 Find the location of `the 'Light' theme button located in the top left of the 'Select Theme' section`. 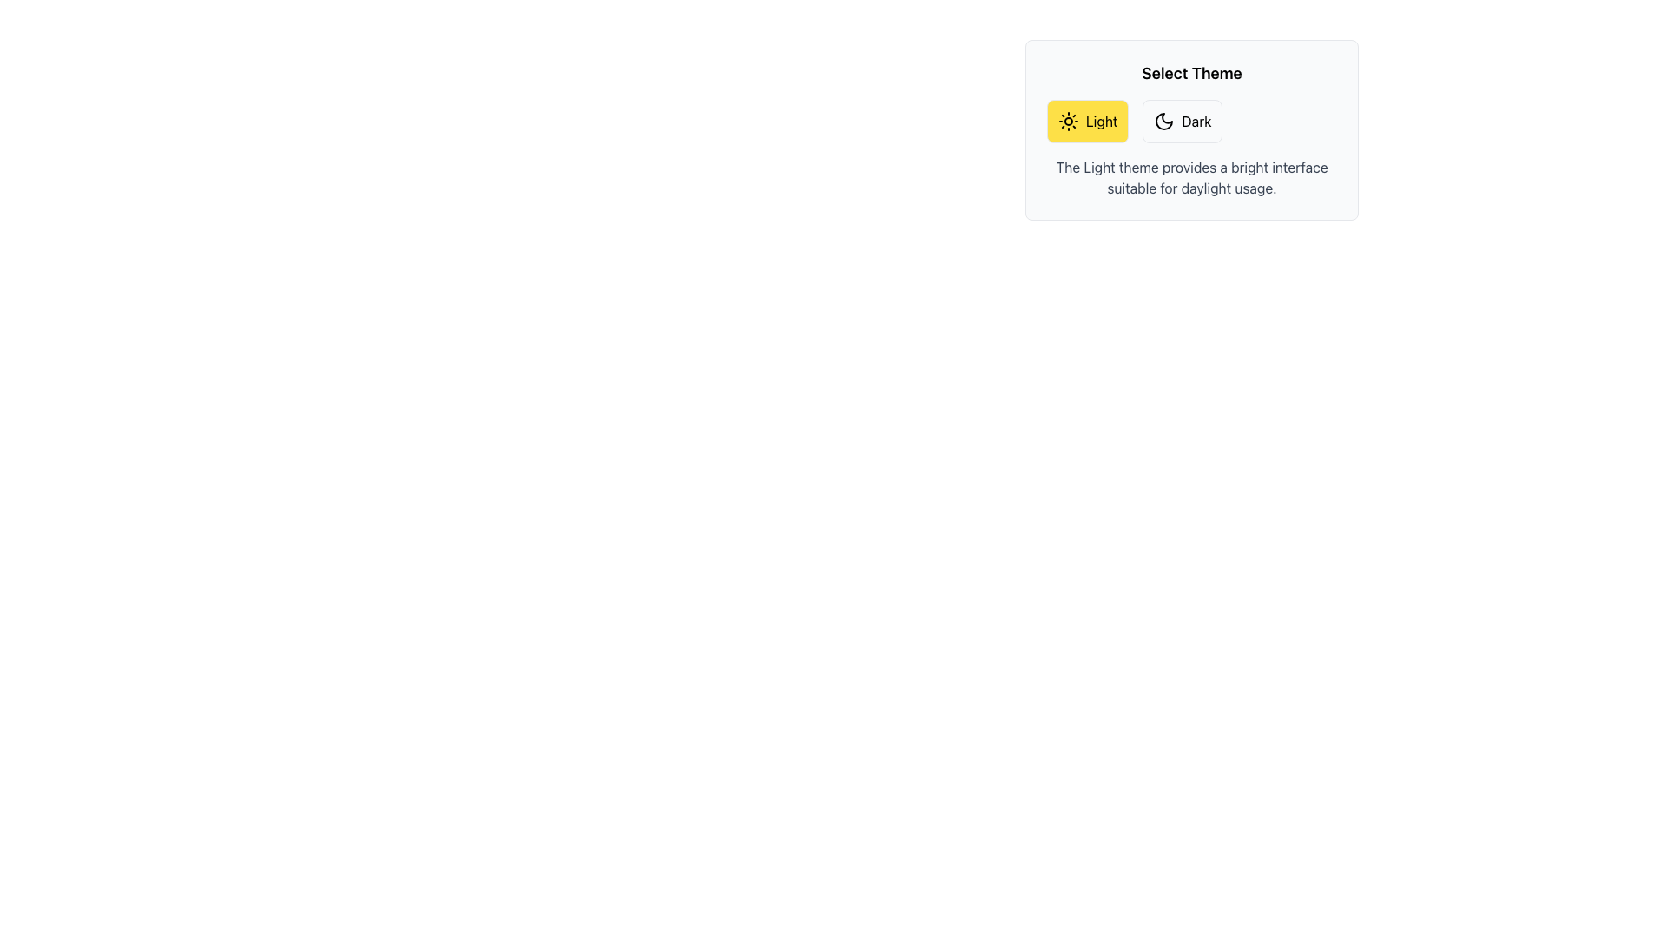

the 'Light' theme button located in the top left of the 'Select Theme' section is located at coordinates (1087, 120).